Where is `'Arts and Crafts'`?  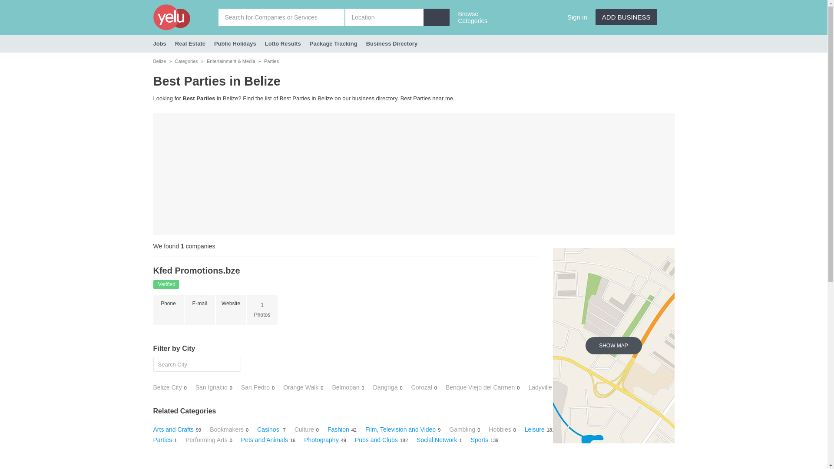 'Arts and Crafts' is located at coordinates (173, 429).